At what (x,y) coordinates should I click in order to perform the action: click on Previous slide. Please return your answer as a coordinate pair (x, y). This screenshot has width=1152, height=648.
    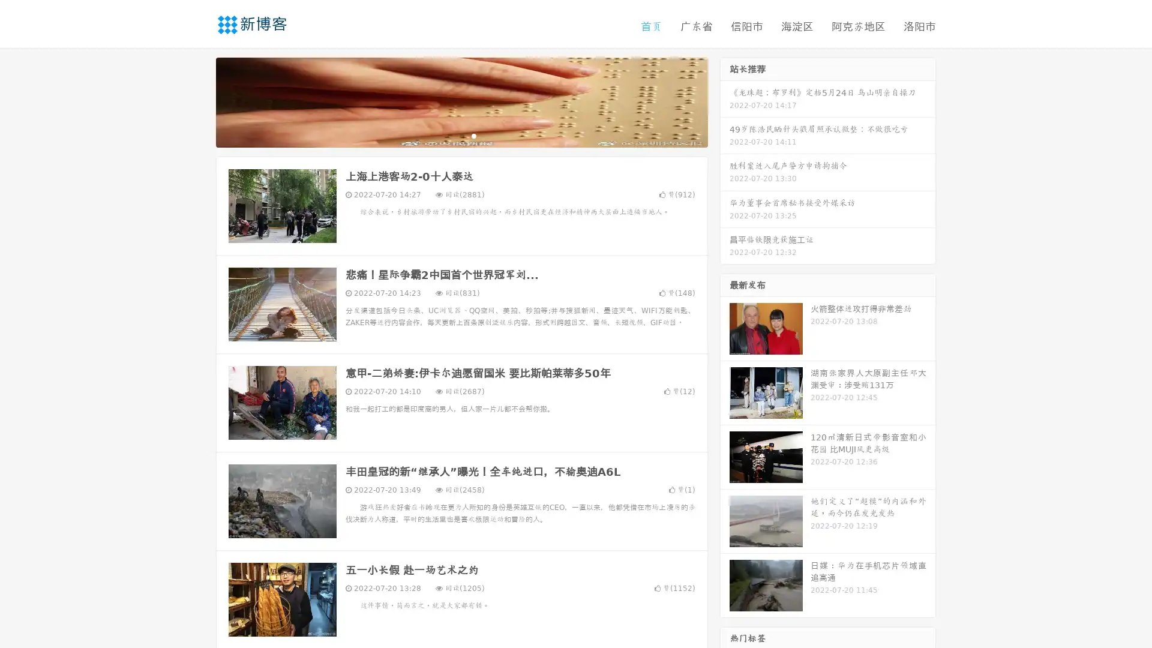
    Looking at the image, I should click on (198, 101).